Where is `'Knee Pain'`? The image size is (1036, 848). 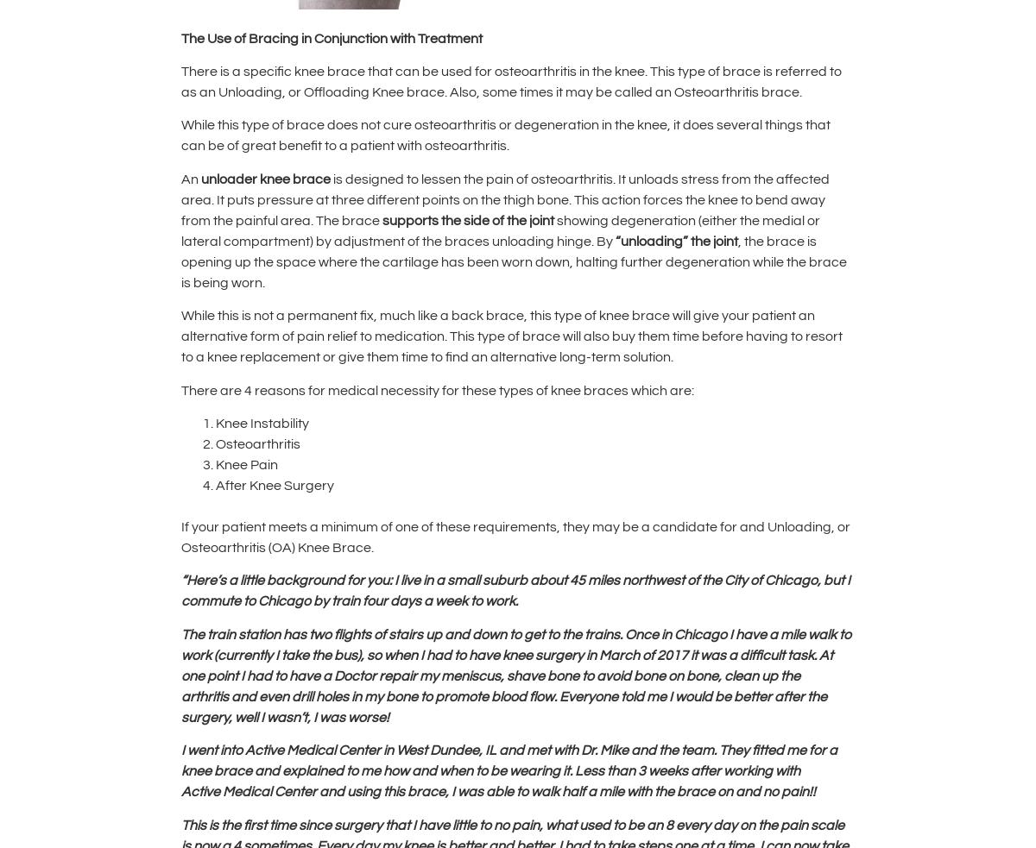 'Knee Pain' is located at coordinates (245, 463).